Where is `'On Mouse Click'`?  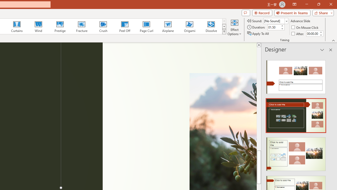
'On Mouse Click' is located at coordinates (305, 27).